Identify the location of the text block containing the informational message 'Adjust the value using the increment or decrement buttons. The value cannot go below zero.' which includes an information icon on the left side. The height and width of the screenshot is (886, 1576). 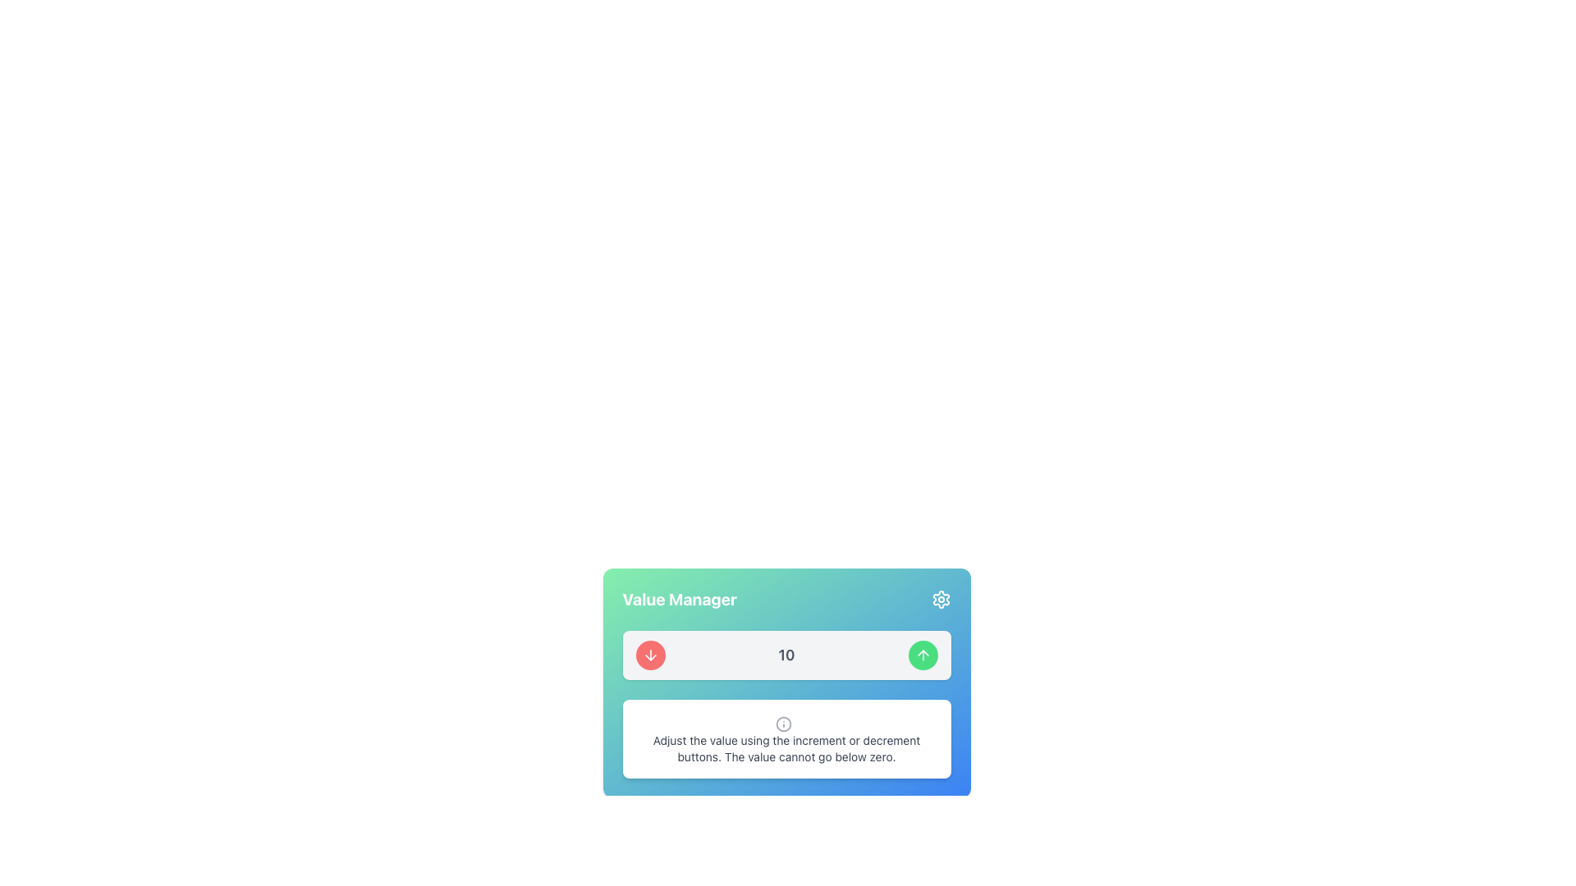
(786, 739).